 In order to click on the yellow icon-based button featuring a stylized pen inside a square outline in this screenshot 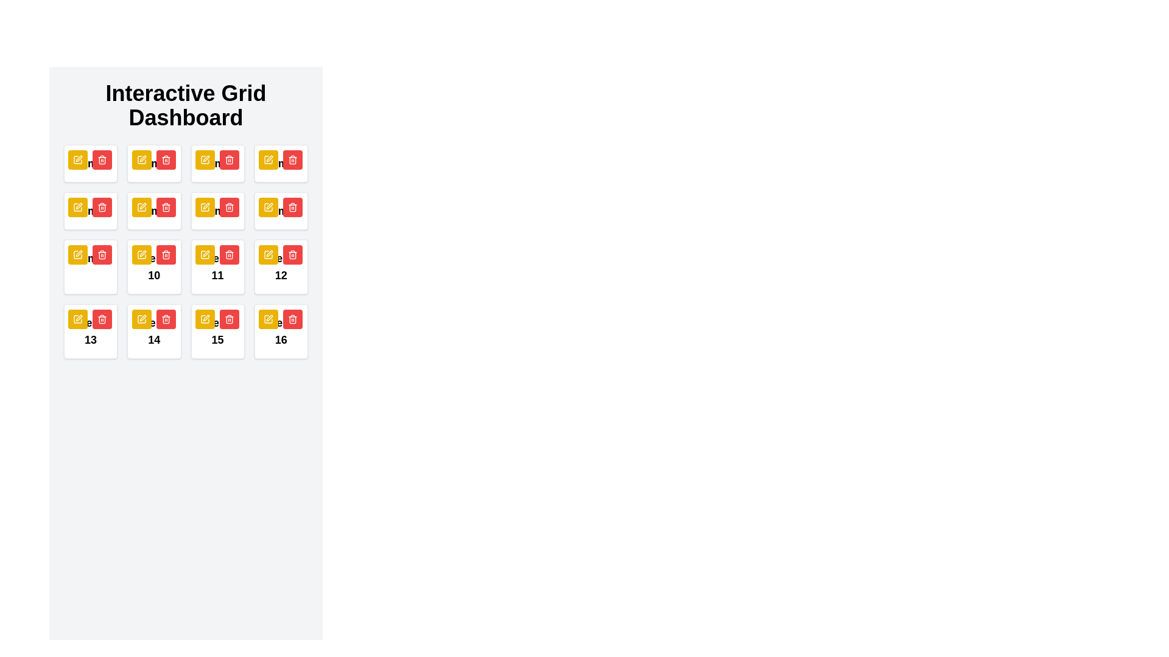, I will do `click(141, 318)`.